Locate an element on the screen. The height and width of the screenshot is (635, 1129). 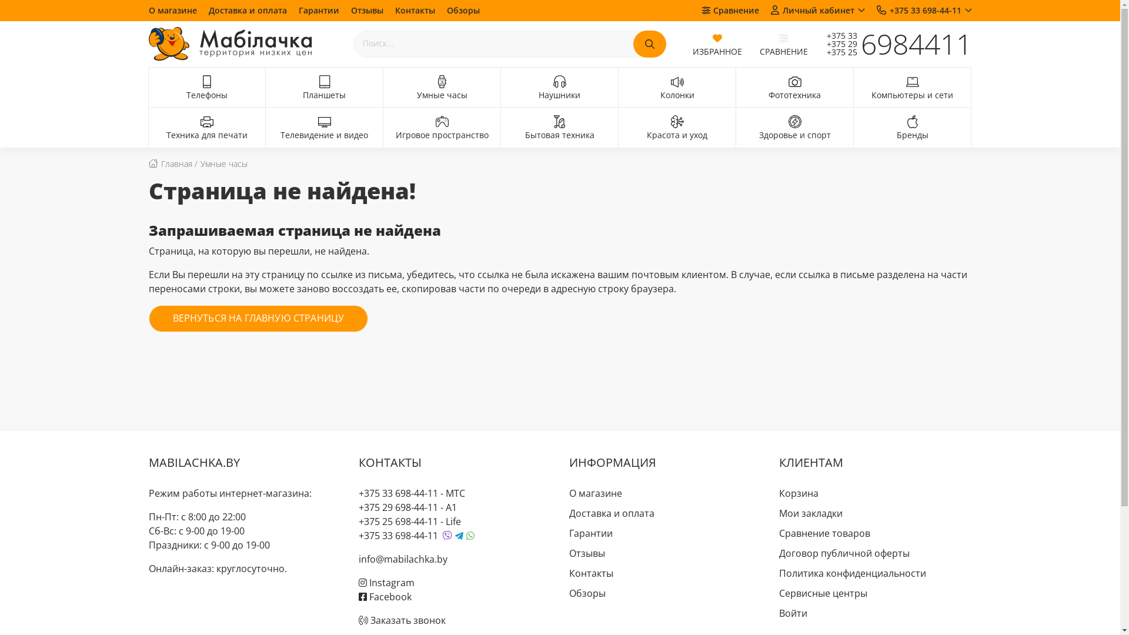
'+375 25 698-44-11' is located at coordinates (398, 521).